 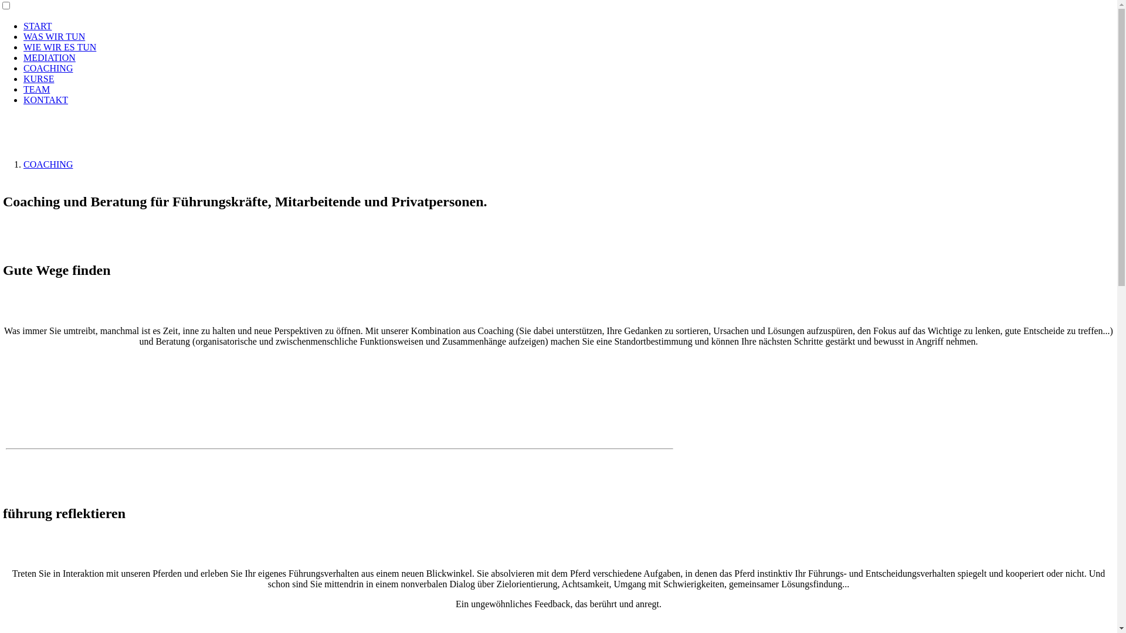 I want to click on 'COACHING', so click(x=47, y=68).